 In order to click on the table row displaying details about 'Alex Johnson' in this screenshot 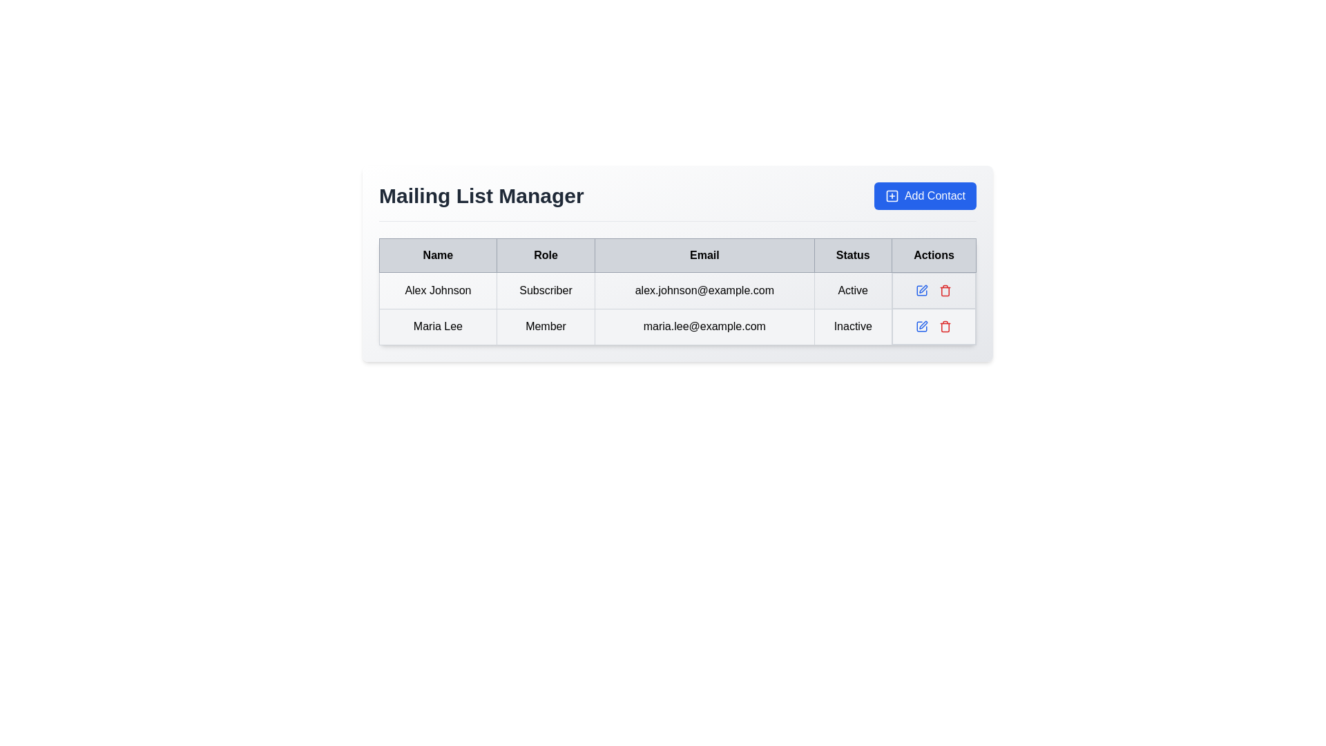, I will do `click(678, 289)`.